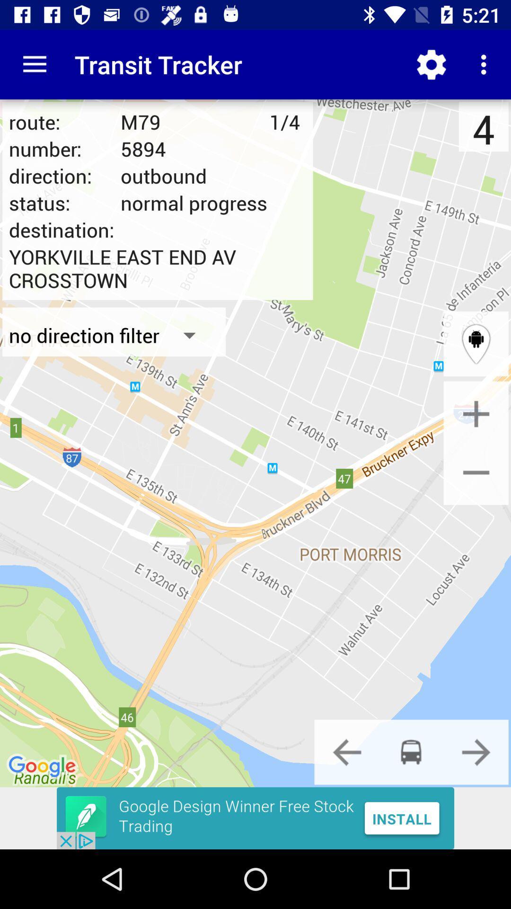  I want to click on zoom out option, so click(476, 472).